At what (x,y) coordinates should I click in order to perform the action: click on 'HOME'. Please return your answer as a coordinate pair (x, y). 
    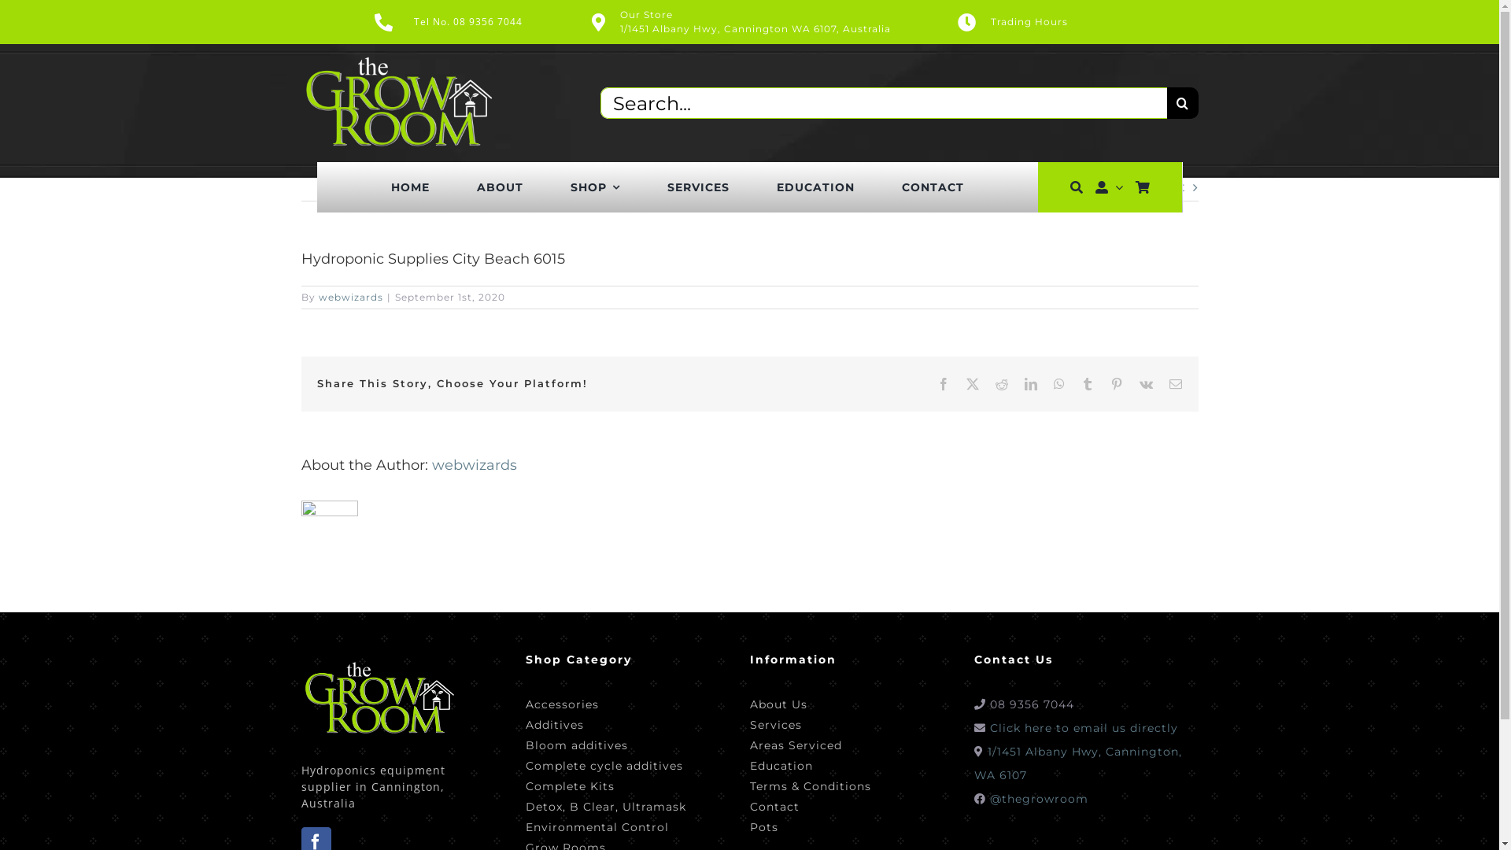
    Looking at the image, I should click on (410, 187).